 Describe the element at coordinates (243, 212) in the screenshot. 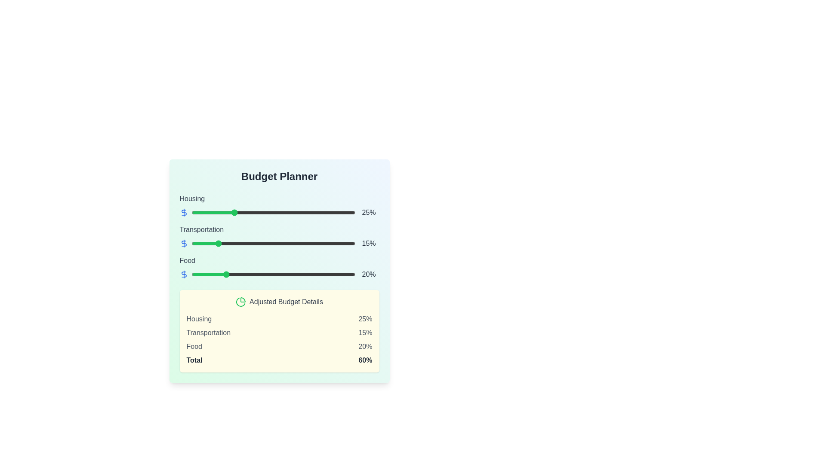

I see `the housing budget percentage` at that location.